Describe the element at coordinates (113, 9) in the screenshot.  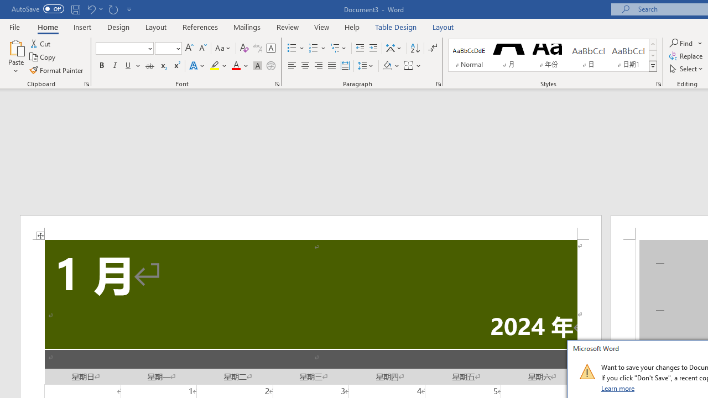
I see `'Repeat Style'` at that location.